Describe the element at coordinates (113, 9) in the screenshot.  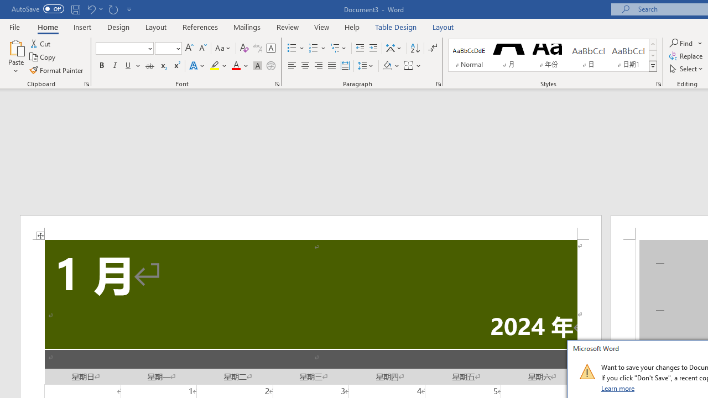
I see `'Repeat Style'` at that location.